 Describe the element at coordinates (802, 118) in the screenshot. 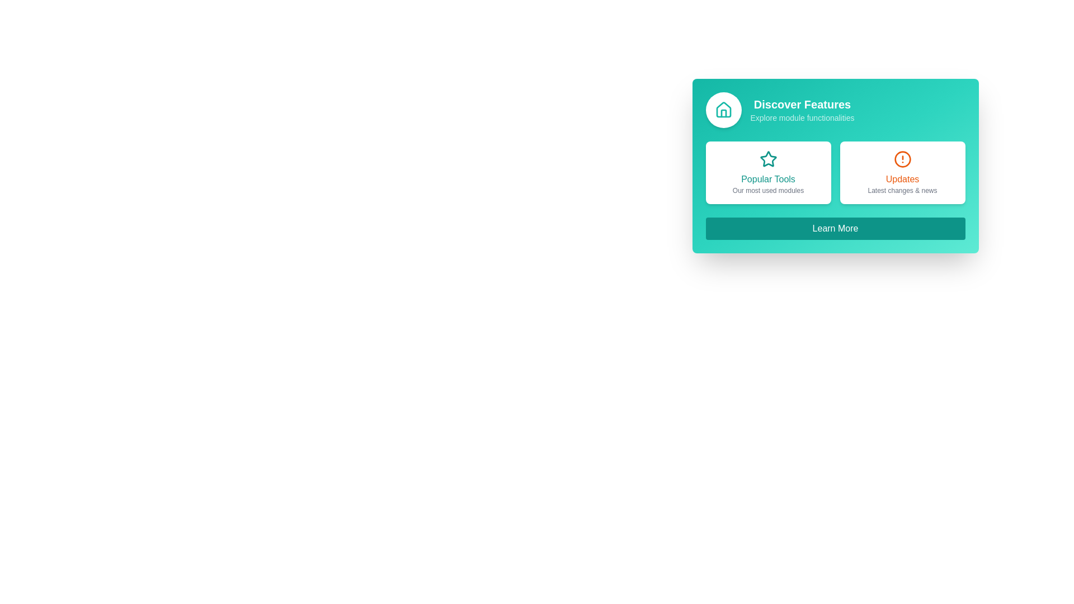

I see `the text component displaying 'Explore module functionalities', which is located beneath the title 'Discover Features' within the same card interface` at that location.